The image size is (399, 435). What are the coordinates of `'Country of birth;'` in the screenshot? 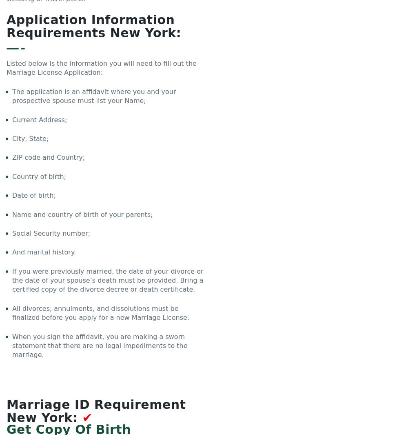 It's located at (39, 176).